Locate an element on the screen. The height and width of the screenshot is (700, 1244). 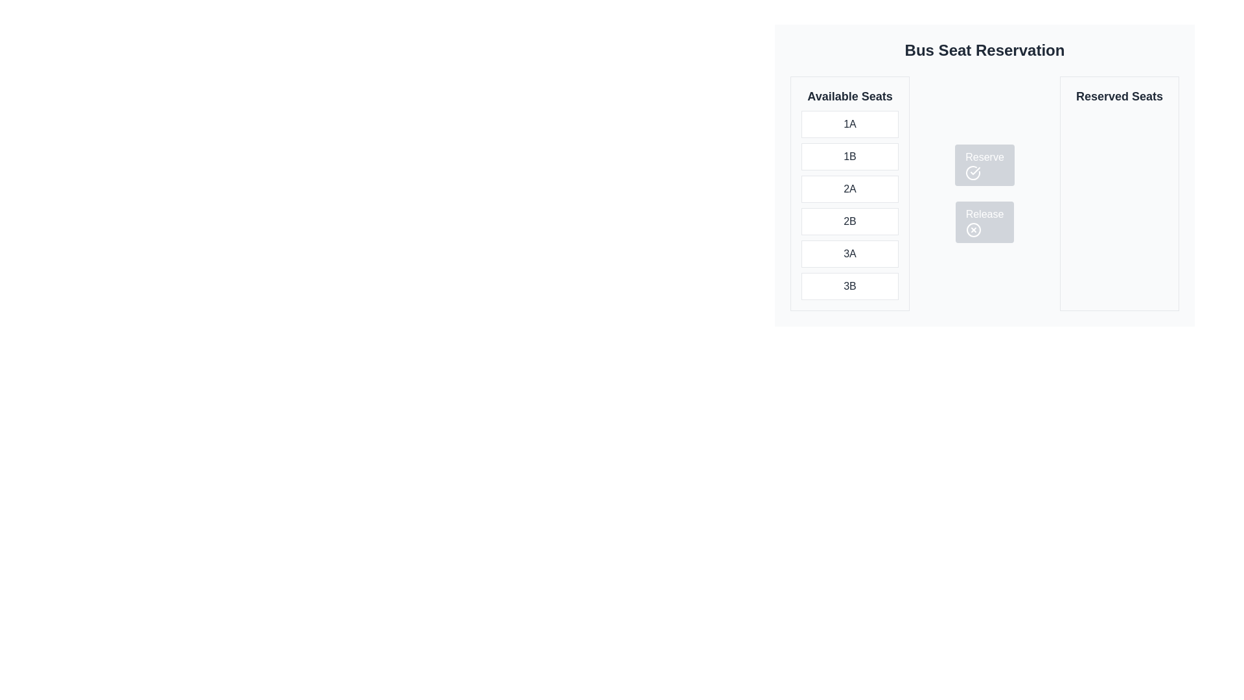
the selectable seat option labeled '3B' in the bus seat reservation interface is located at coordinates (849, 286).